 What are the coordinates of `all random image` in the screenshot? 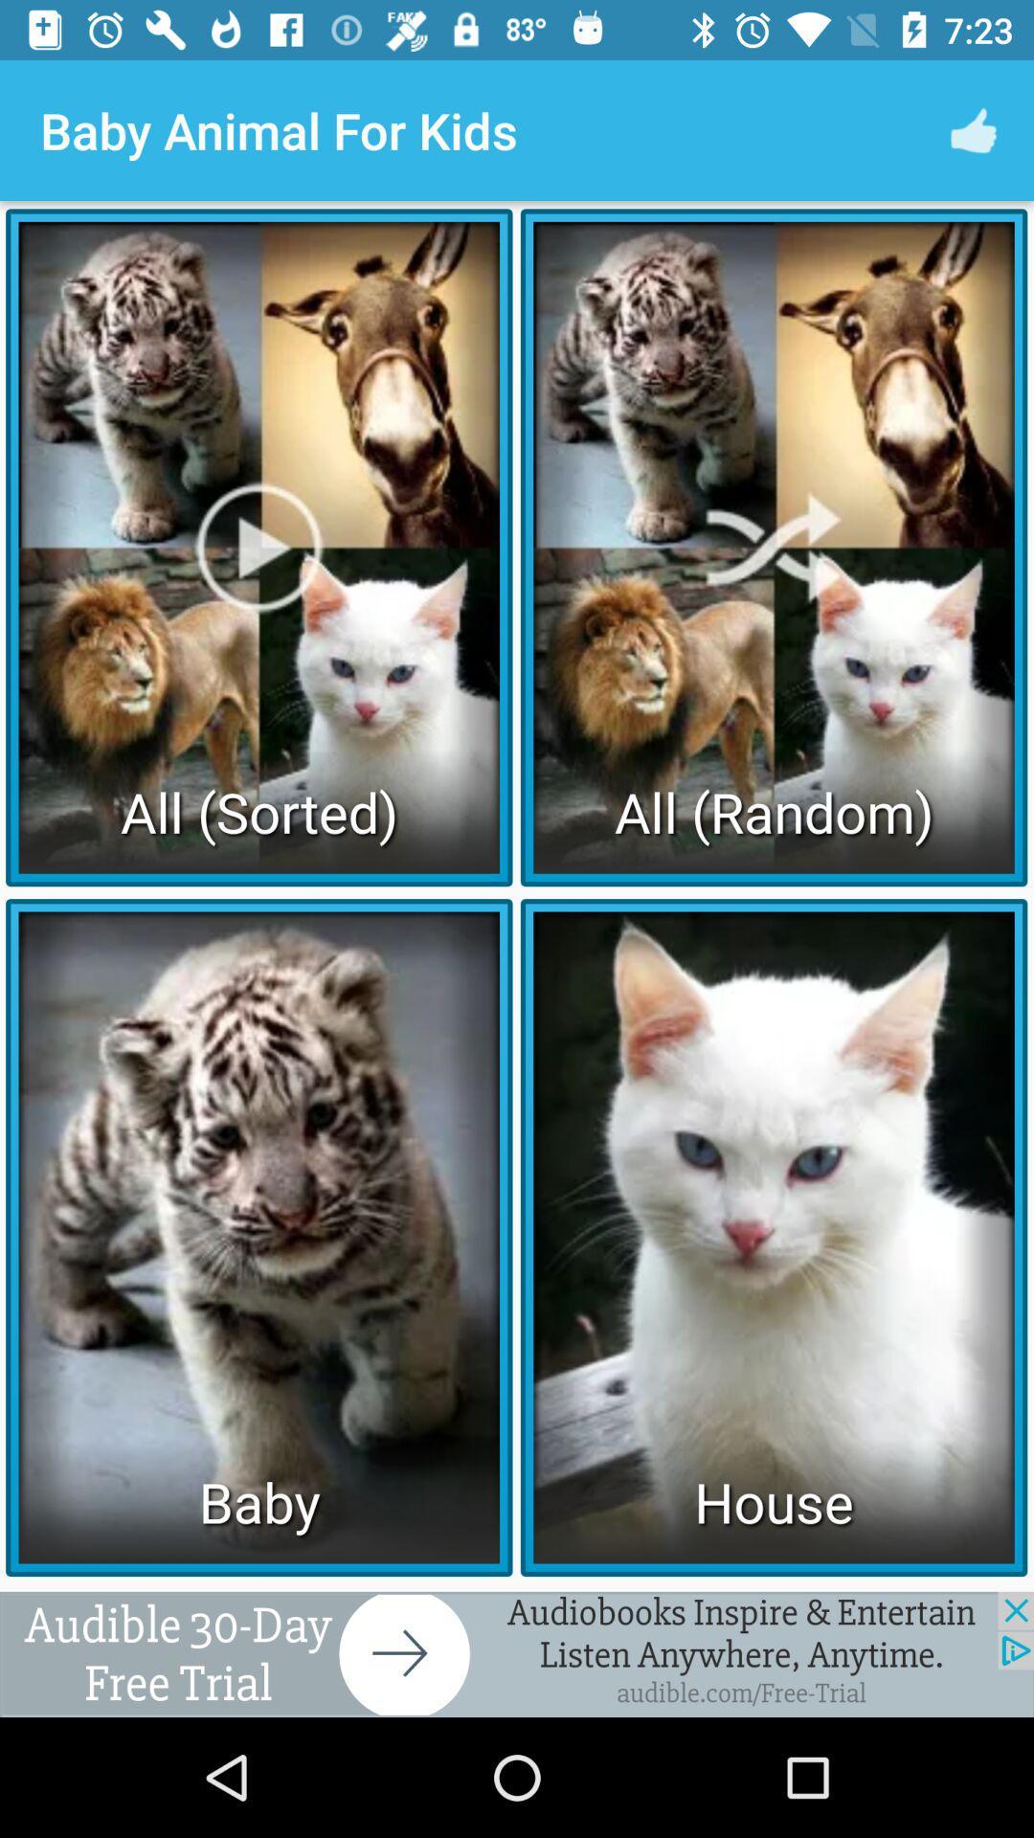 It's located at (773, 546).